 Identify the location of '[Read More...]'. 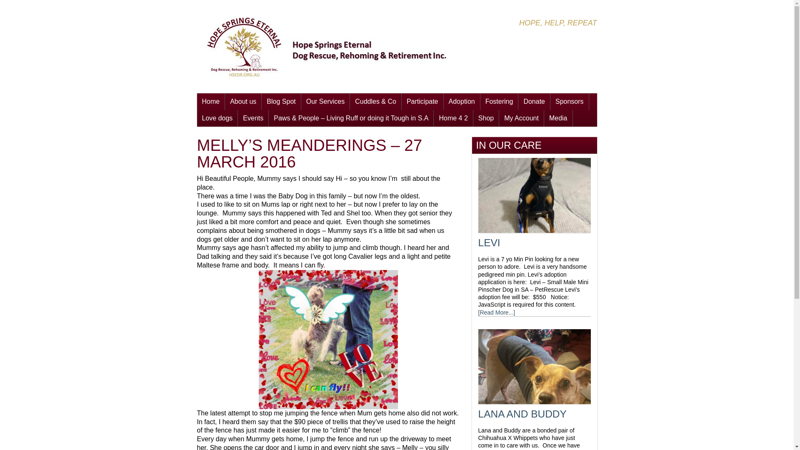
(497, 312).